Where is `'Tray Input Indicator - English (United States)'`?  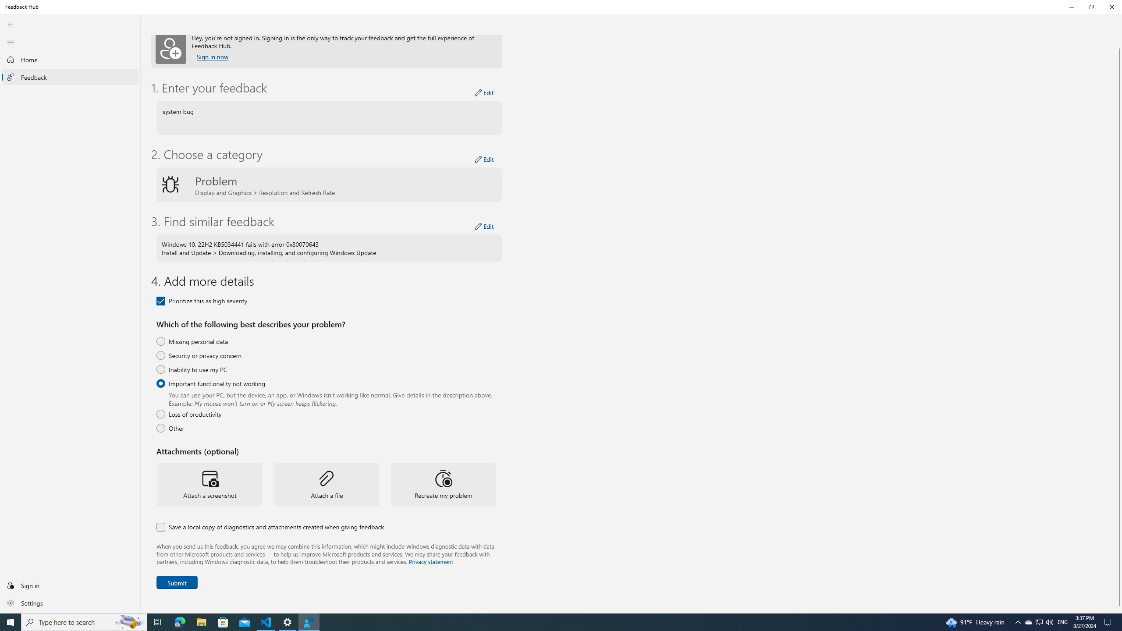
'Tray Input Indicator - English (United States)' is located at coordinates (1062, 621).